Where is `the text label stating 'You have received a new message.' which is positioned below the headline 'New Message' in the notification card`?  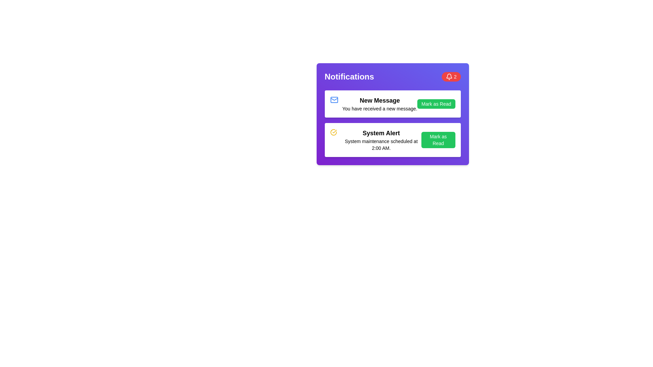 the text label stating 'You have received a new message.' which is positioned below the headline 'New Message' in the notification card is located at coordinates (379, 108).